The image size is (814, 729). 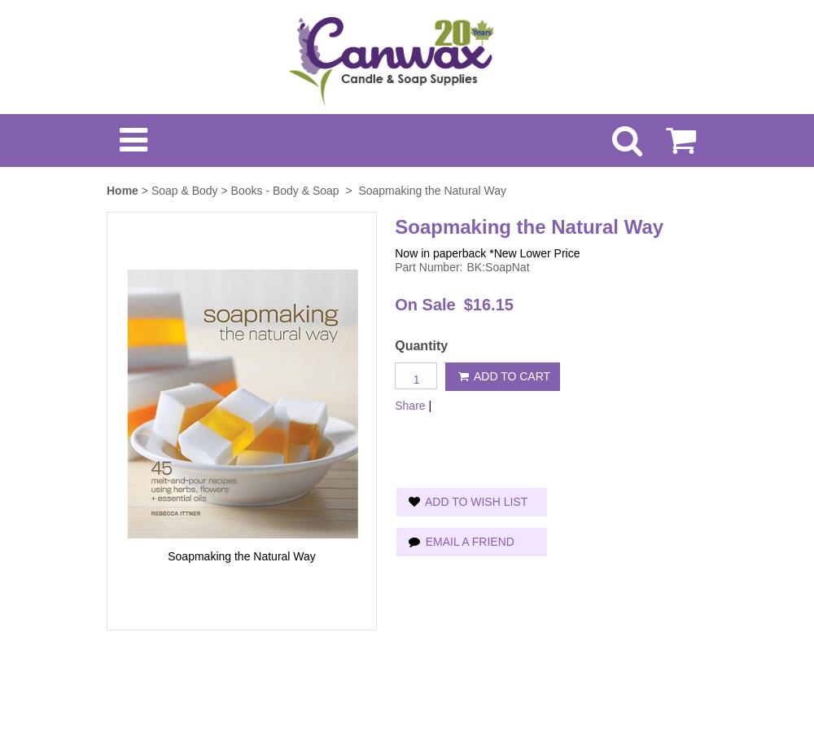 I want to click on '>  Soapmaking the Natural Way', so click(x=422, y=191).